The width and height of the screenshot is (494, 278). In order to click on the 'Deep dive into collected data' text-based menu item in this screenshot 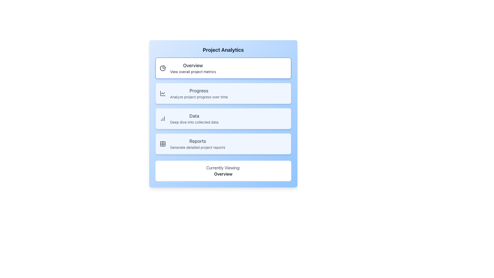, I will do `click(194, 119)`.